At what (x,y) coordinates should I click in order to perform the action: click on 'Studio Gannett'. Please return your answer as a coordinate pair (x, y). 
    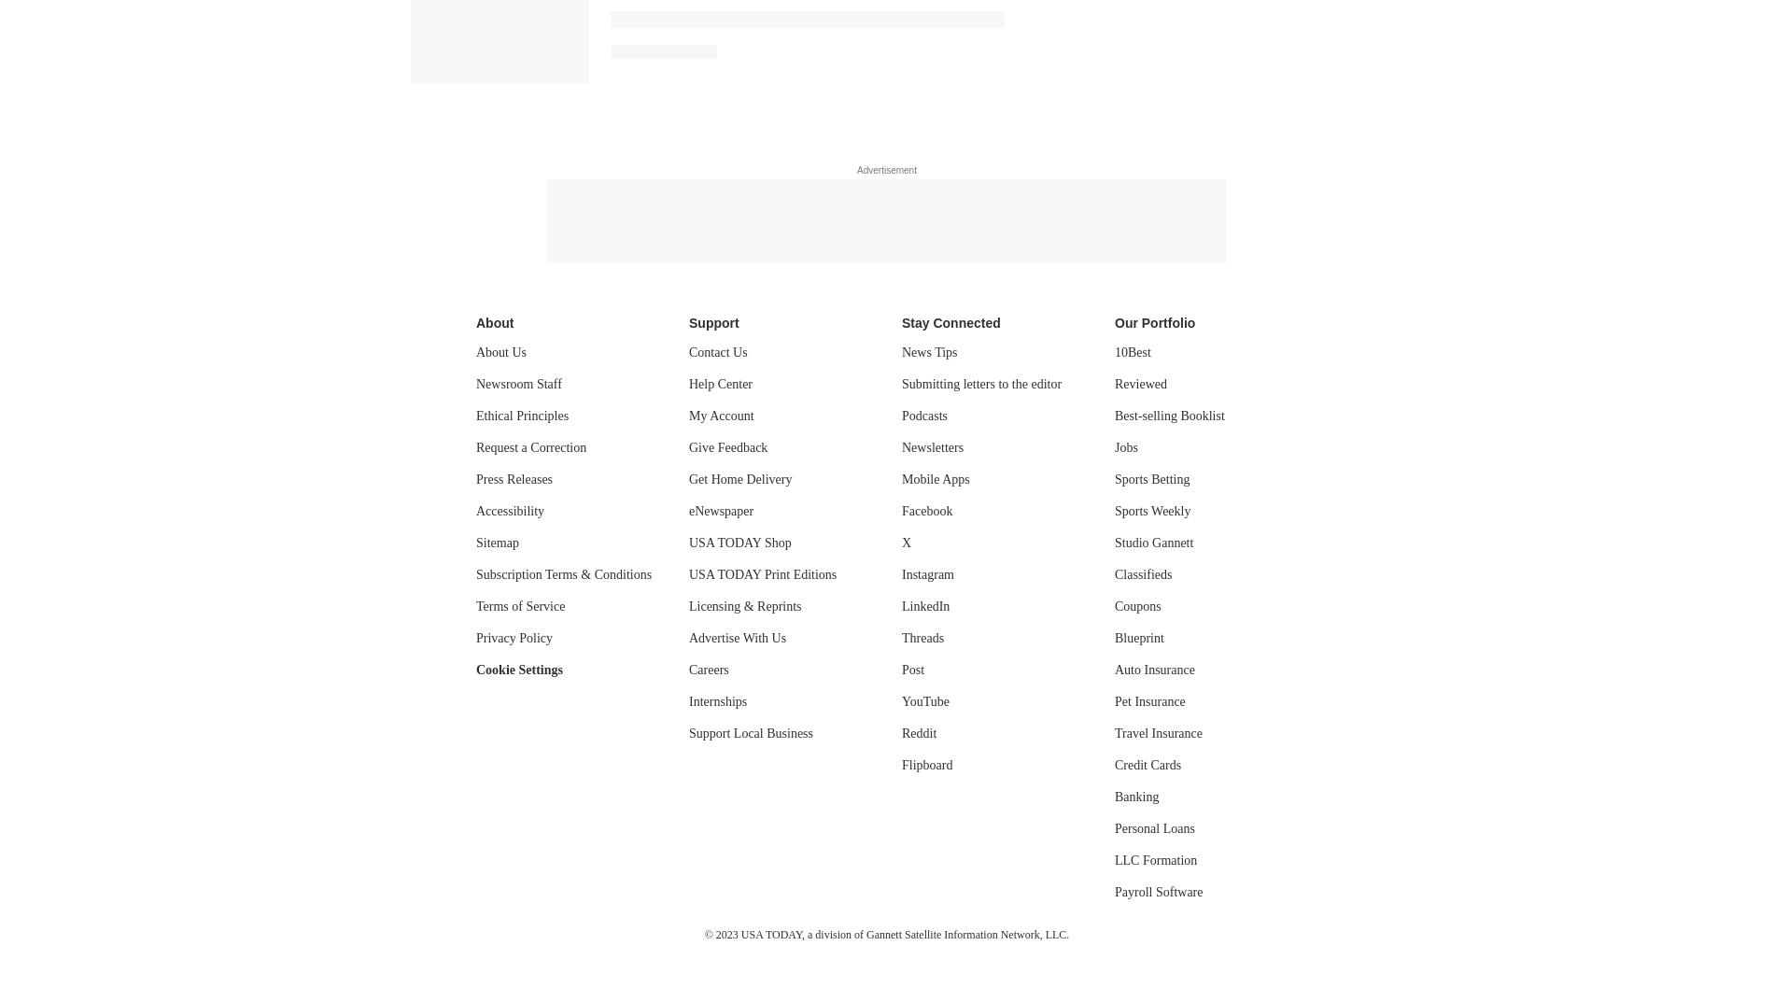
    Looking at the image, I should click on (1152, 543).